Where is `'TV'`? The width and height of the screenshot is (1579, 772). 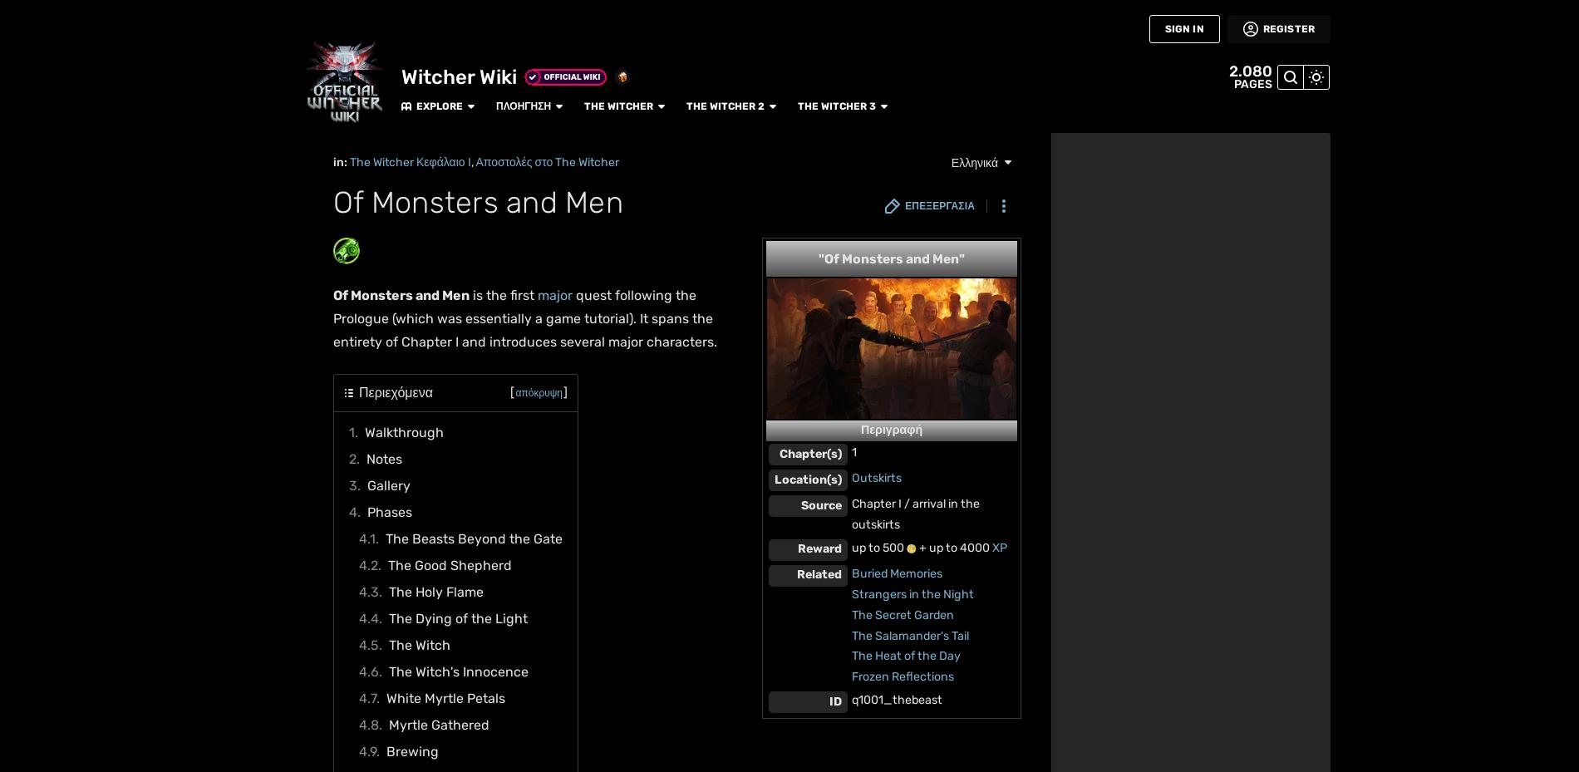
'TV' is located at coordinates (27, 273).